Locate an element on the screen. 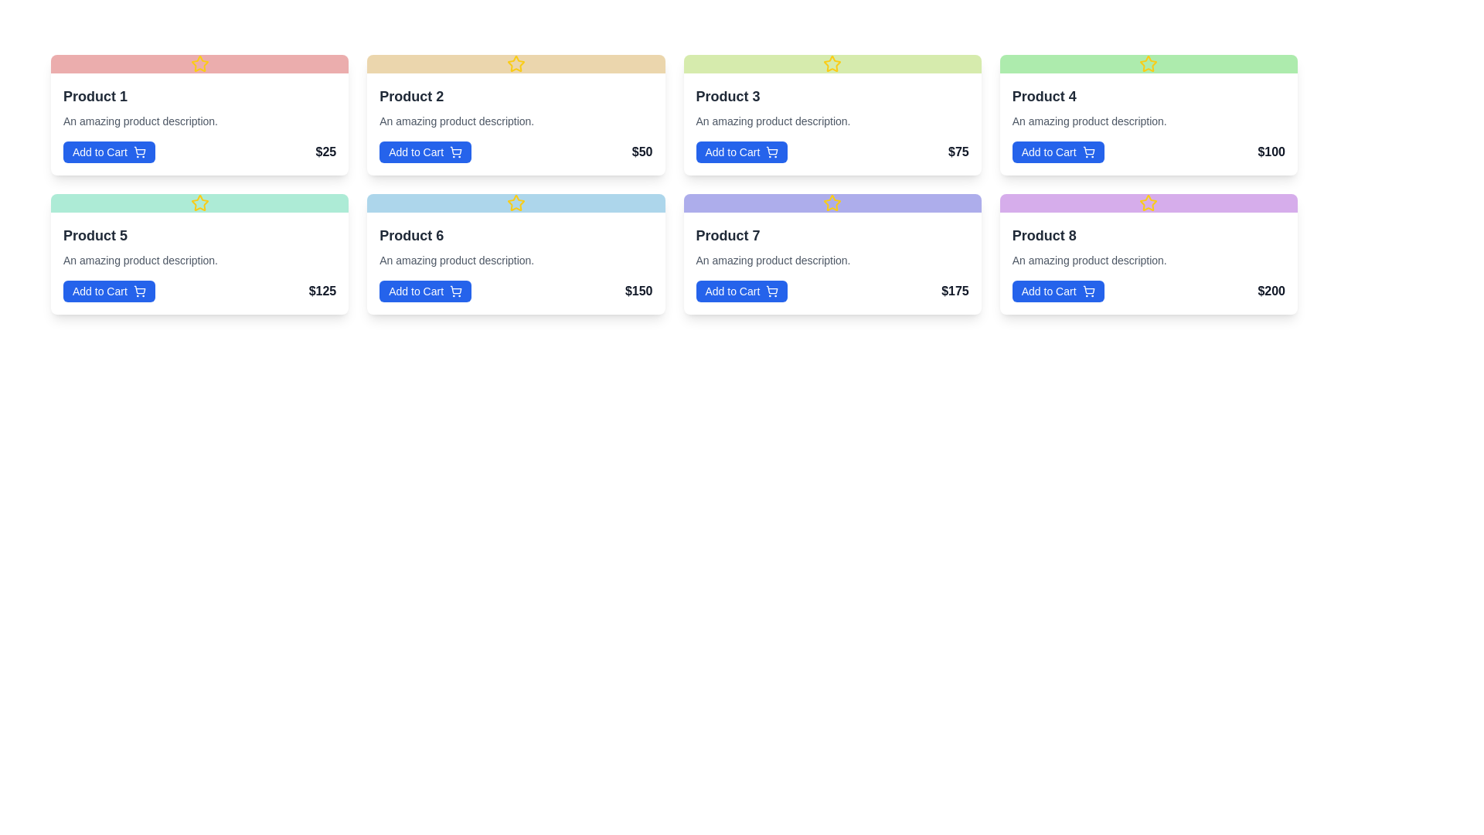 Image resolution: width=1484 pixels, height=835 pixels. the 'Product 8' text label, which is displayed in a bold and large font at the top center of the purple-colored card is located at coordinates (1044, 235).